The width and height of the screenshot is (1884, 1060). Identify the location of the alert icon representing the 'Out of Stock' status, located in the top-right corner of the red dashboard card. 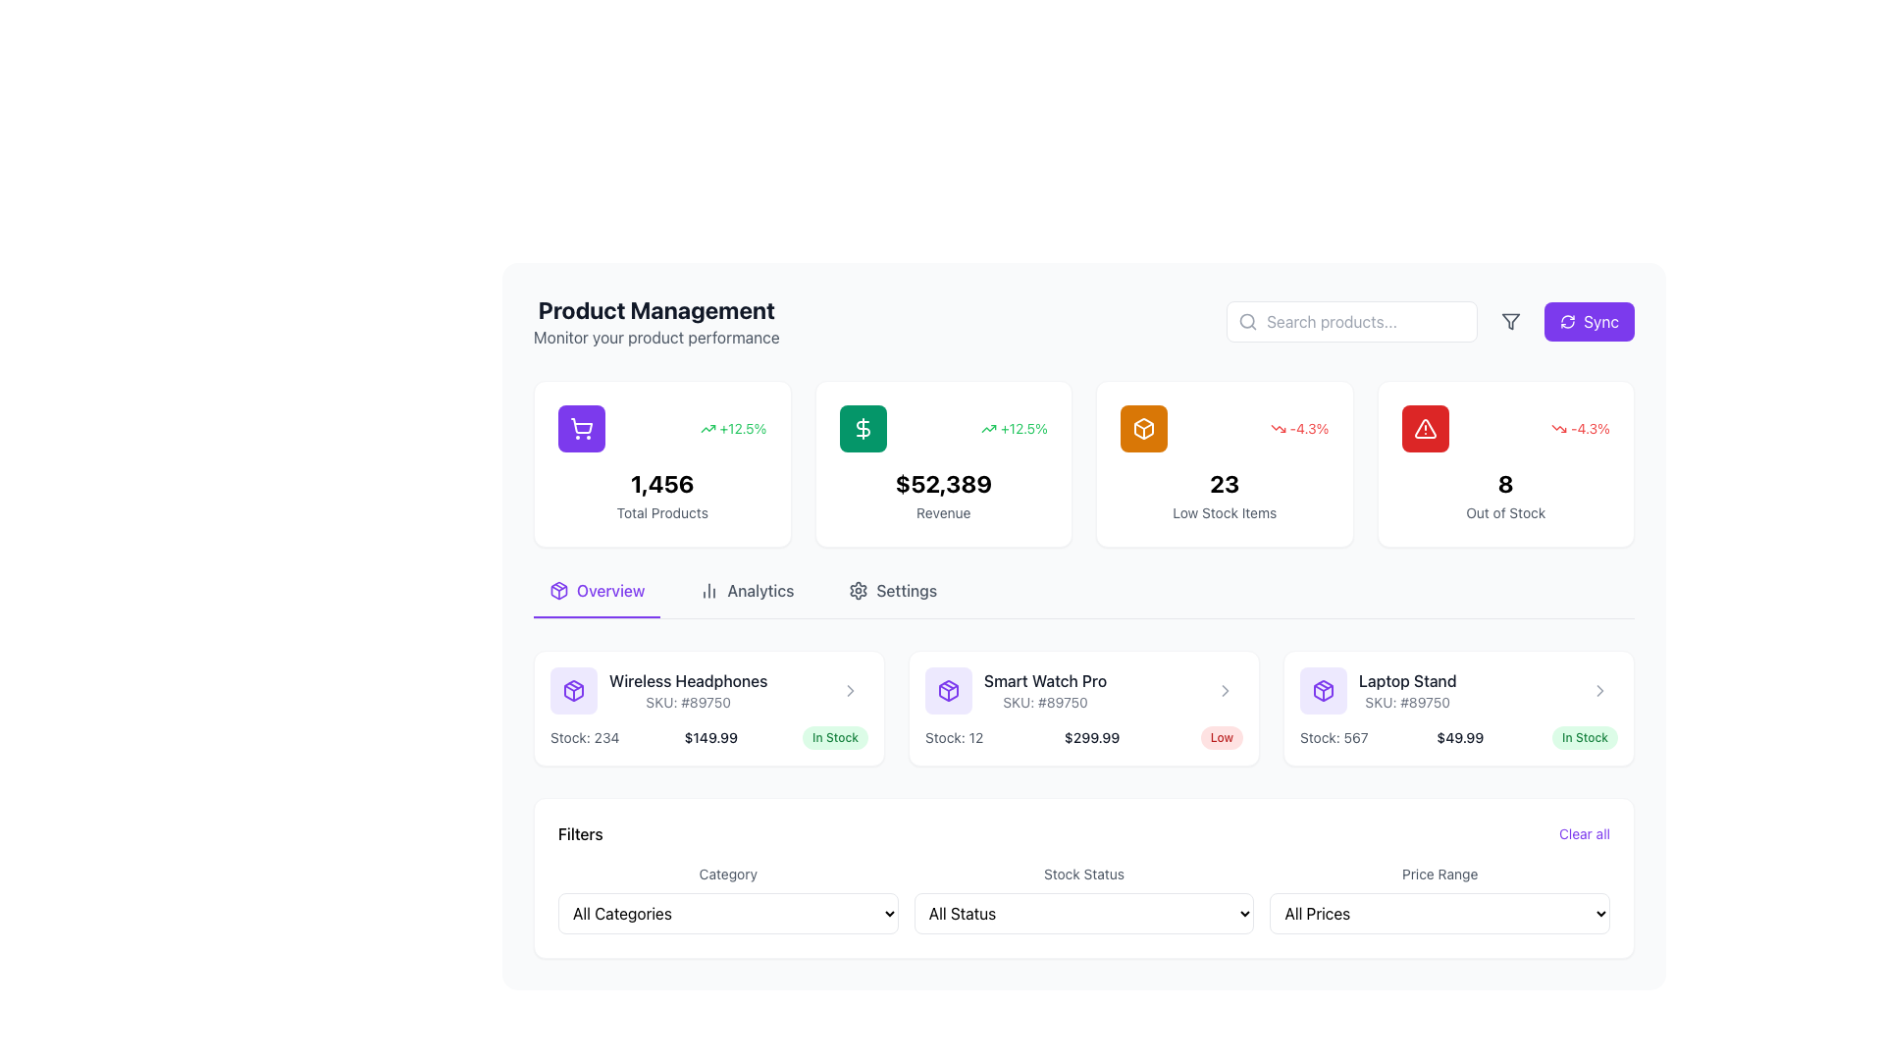
(1425, 427).